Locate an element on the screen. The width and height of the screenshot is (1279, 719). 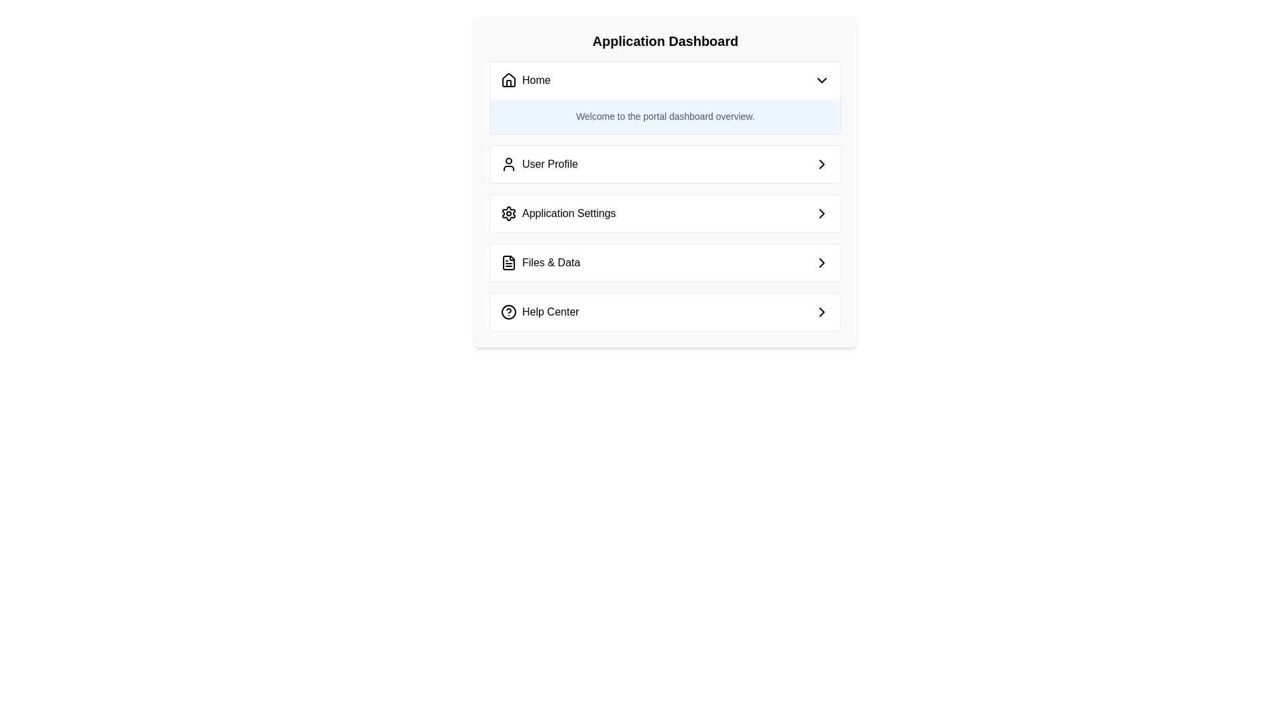
the Right-facing chevron icon (SVG graphical element) located in the 'Files & Data' row of the dashboard menu, aligned to the right side as an inline icon adjacent to the text label, as a static indication is located at coordinates (821, 262).